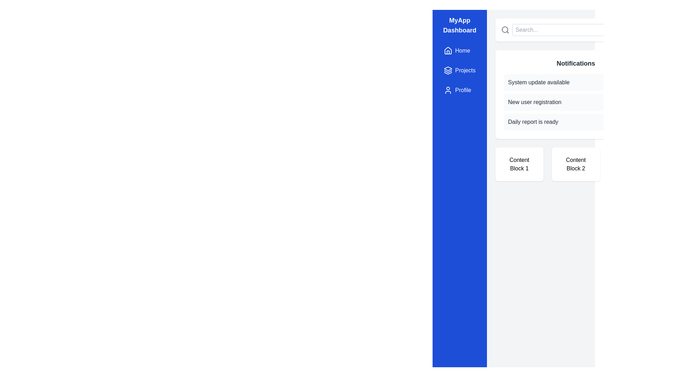 This screenshot has height=381, width=678. Describe the element at coordinates (447, 71) in the screenshot. I see `the 'layers' icon in the sidebar navigation, which is styled with a white stroke on a blue background and indicates a 'layers' concept, located to the left of the 'Projects' text` at that location.